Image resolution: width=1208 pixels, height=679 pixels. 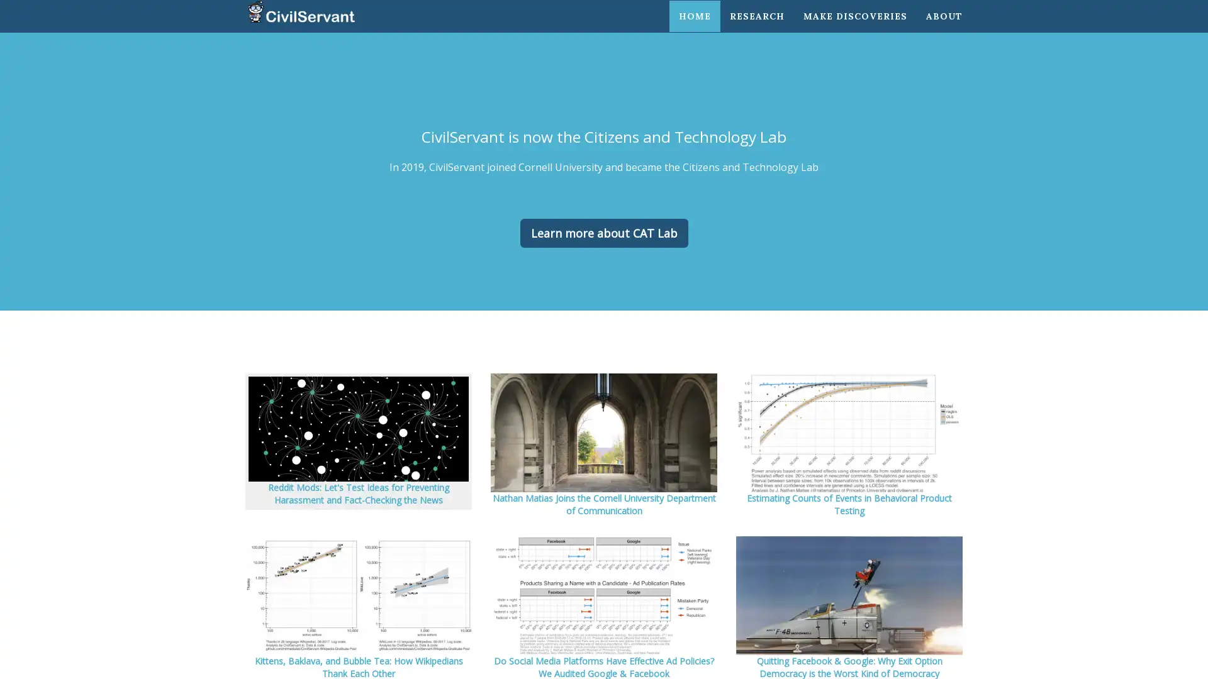 I want to click on Learn more about CAT Lab, so click(x=603, y=233).